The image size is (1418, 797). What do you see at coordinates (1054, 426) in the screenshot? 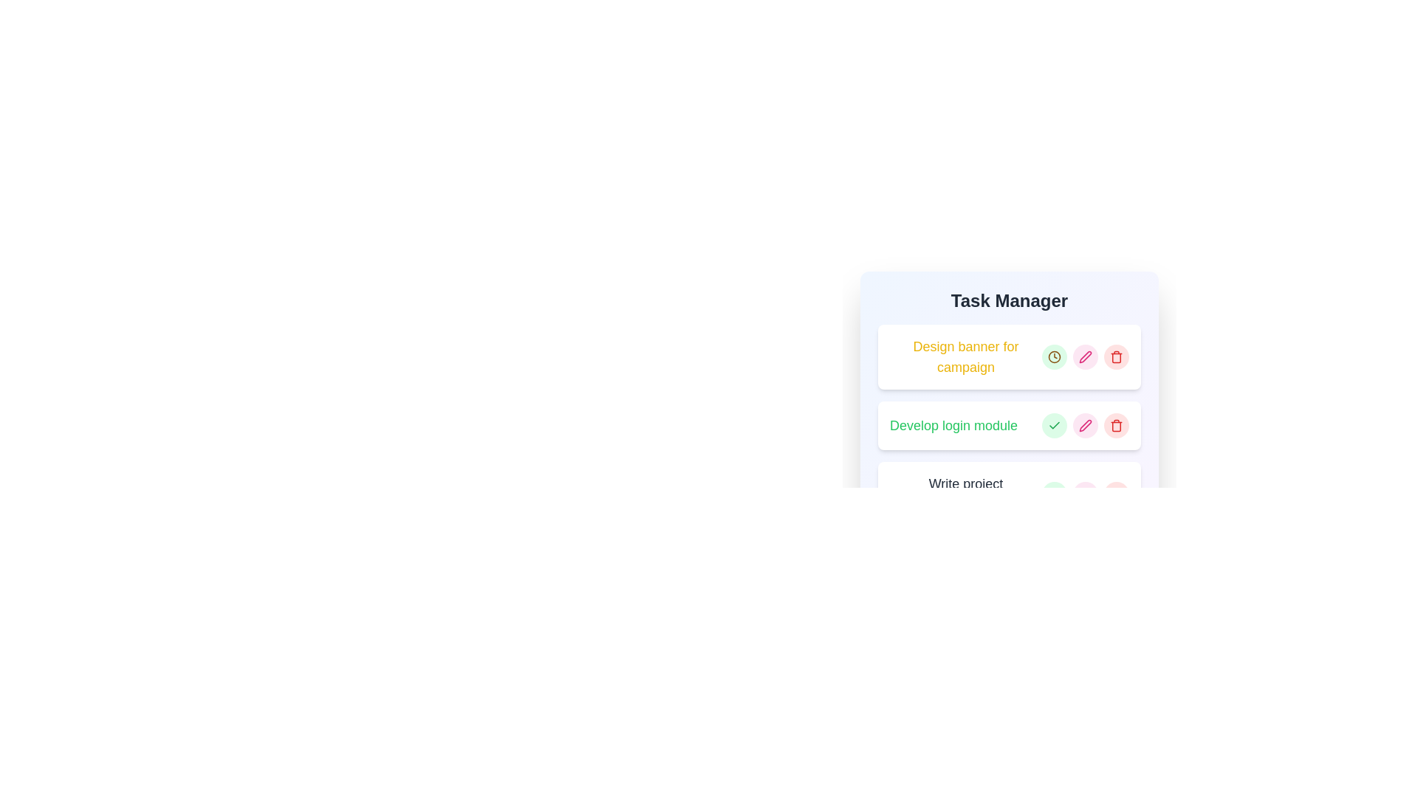
I see `the circular task status indicator icon associated with the 'Develop login module' task to visualize its completion status` at bounding box center [1054, 426].